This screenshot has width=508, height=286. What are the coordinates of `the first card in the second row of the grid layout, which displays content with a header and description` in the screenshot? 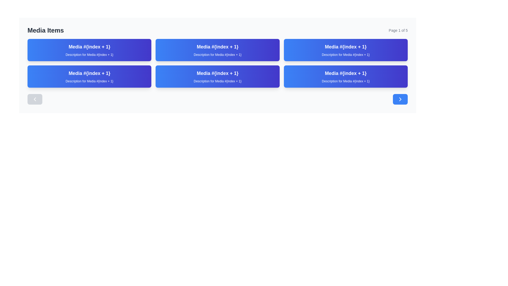 It's located at (89, 77).